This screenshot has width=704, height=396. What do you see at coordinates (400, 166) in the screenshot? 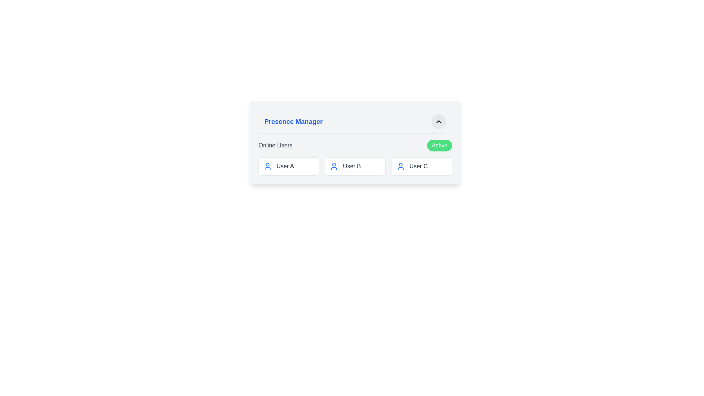
I see `the user icon representing 'User C' in the third card of the 'Online Users' section` at bounding box center [400, 166].